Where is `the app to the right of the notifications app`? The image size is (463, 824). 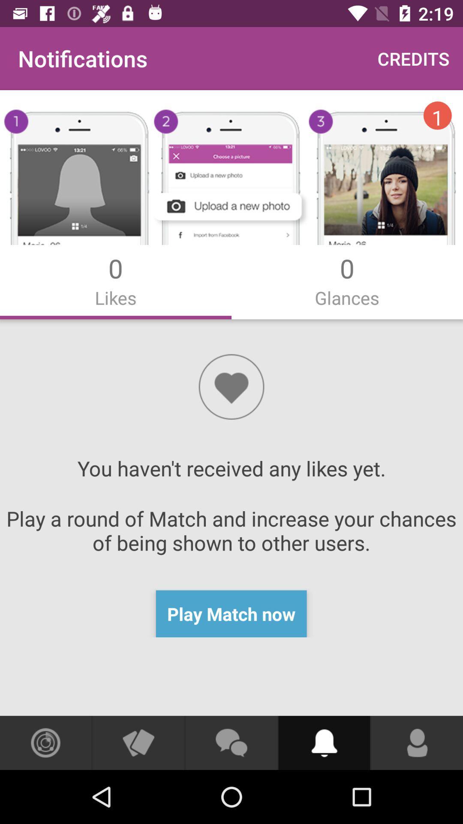 the app to the right of the notifications app is located at coordinates (413, 58).